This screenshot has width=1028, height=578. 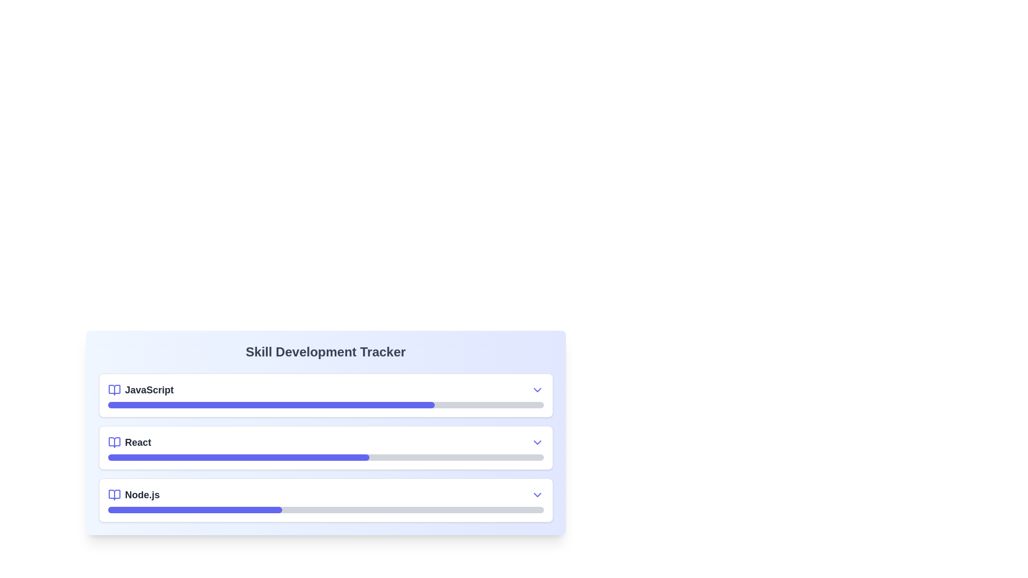 I want to click on the bold, large-sized text labeled 'Skill Development Tracker' that is centrally located at the top of the section with a gradient background, so click(x=325, y=352).